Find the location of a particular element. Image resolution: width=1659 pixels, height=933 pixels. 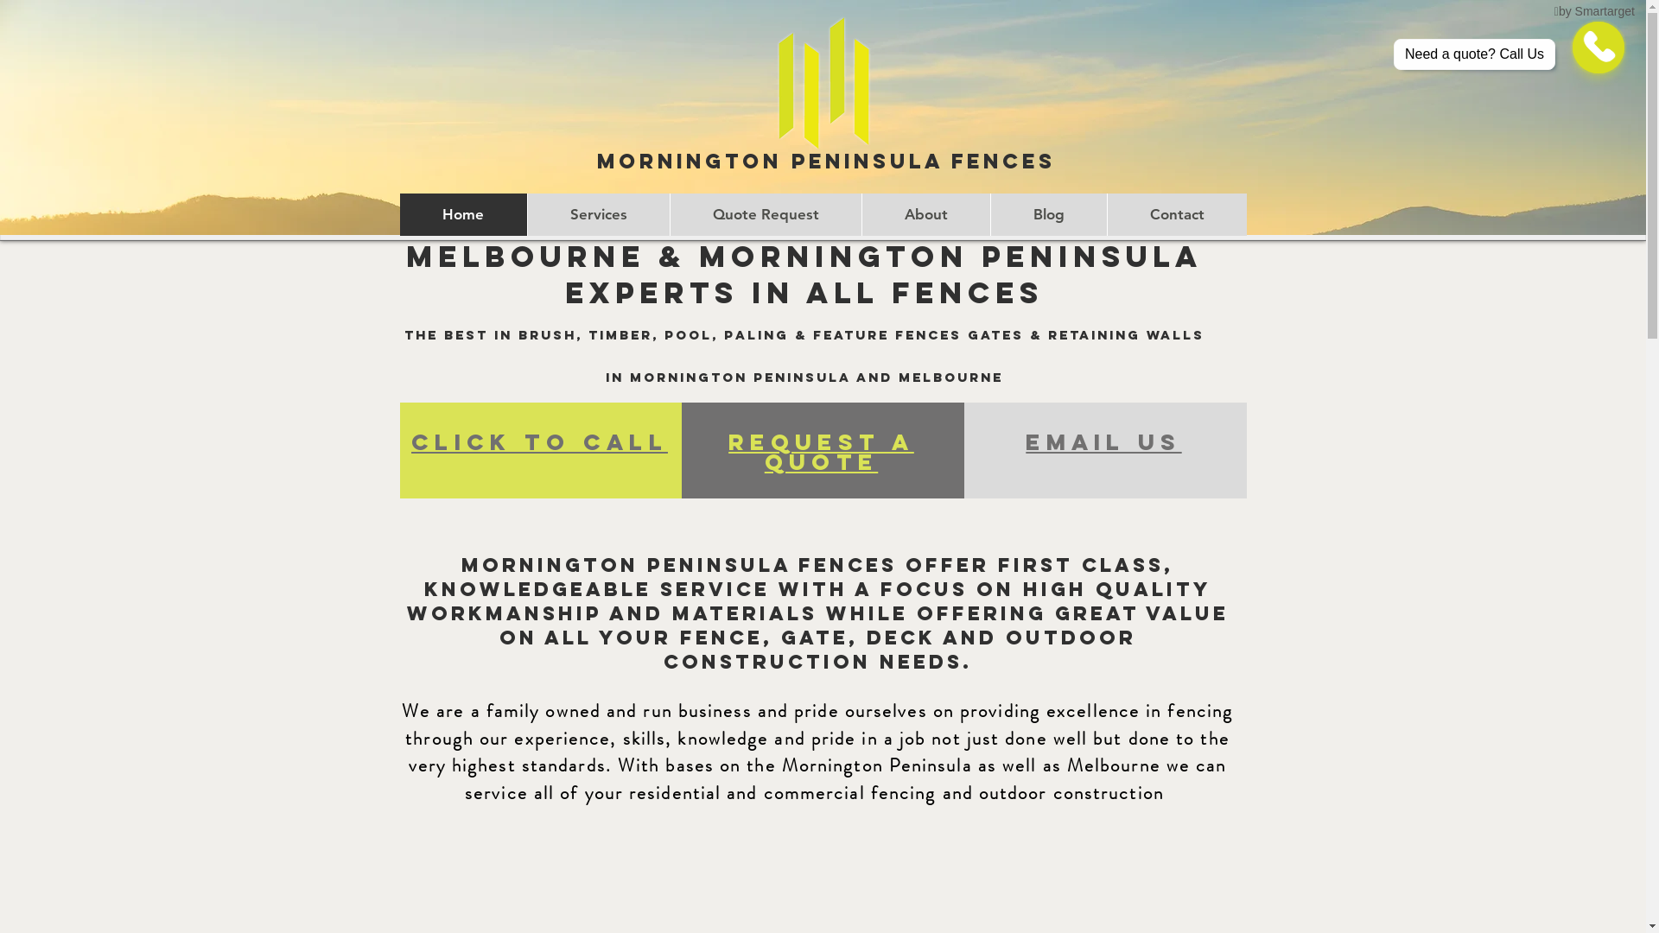

'Contact' is located at coordinates (1175, 213).